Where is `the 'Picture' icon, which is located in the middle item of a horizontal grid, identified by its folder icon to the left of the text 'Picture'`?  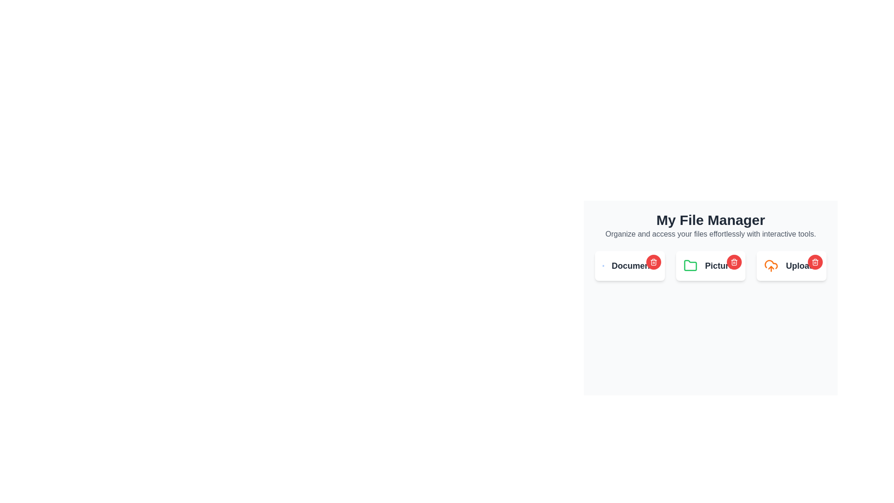
the 'Picture' icon, which is located in the middle item of a horizontal grid, identified by its folder icon to the left of the text 'Picture' is located at coordinates (691, 265).